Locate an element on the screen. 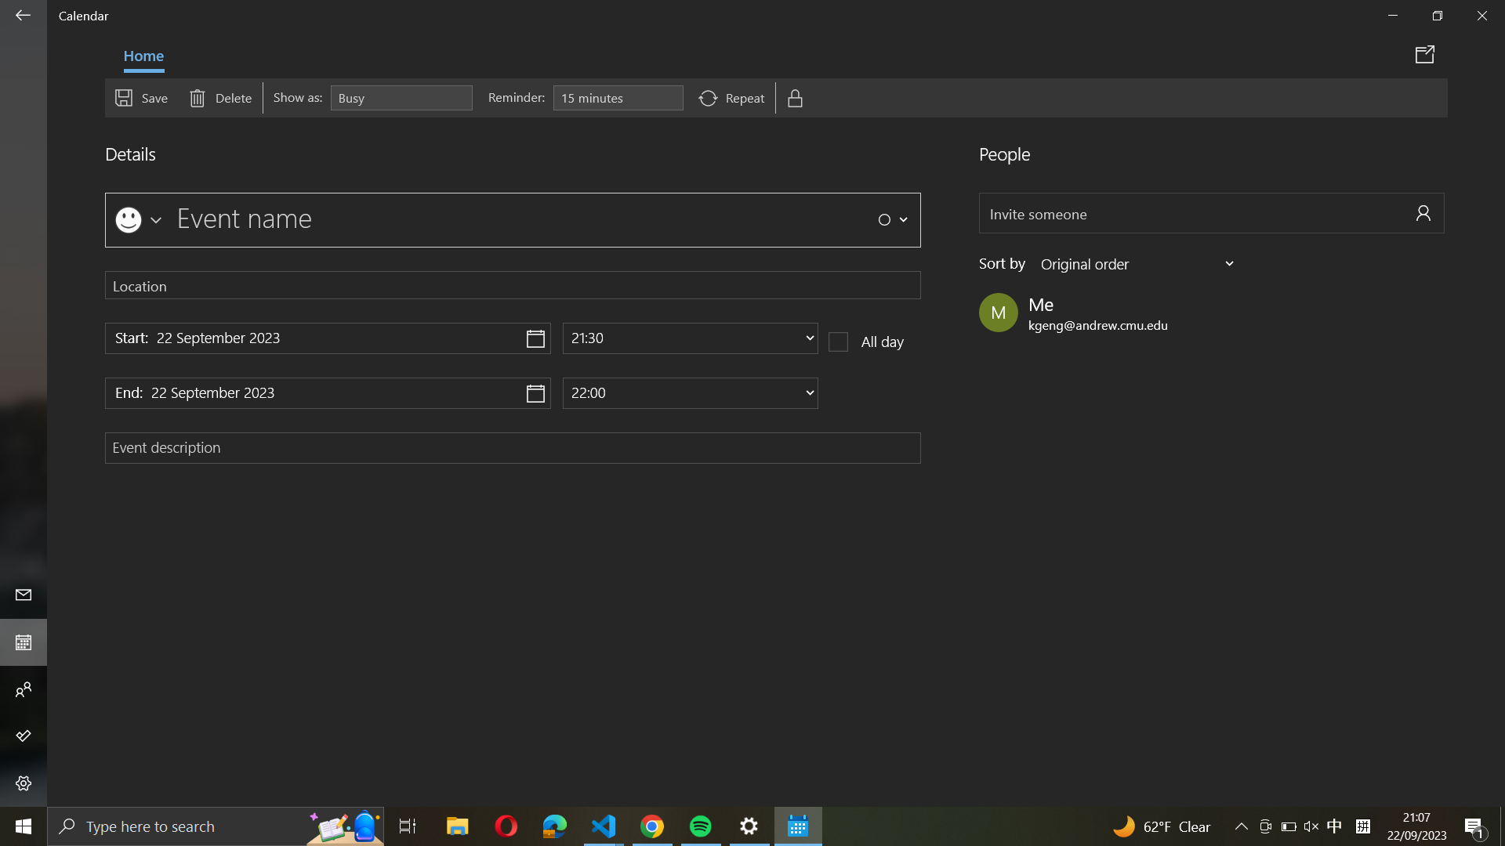  Insert a notification for an event is located at coordinates (617, 98).